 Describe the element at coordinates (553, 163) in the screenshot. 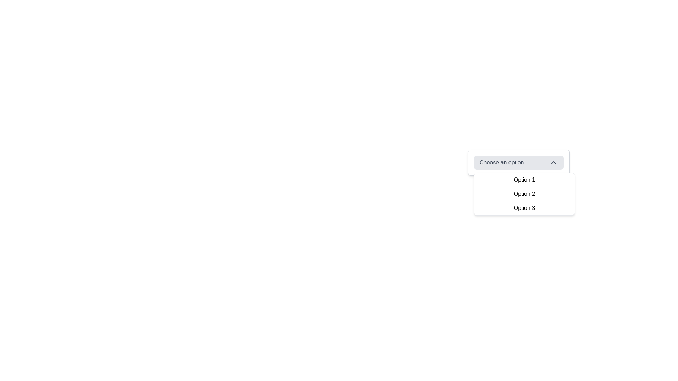

I see `the icon located at the far right of the 'Choose an option' dropdown header` at that location.